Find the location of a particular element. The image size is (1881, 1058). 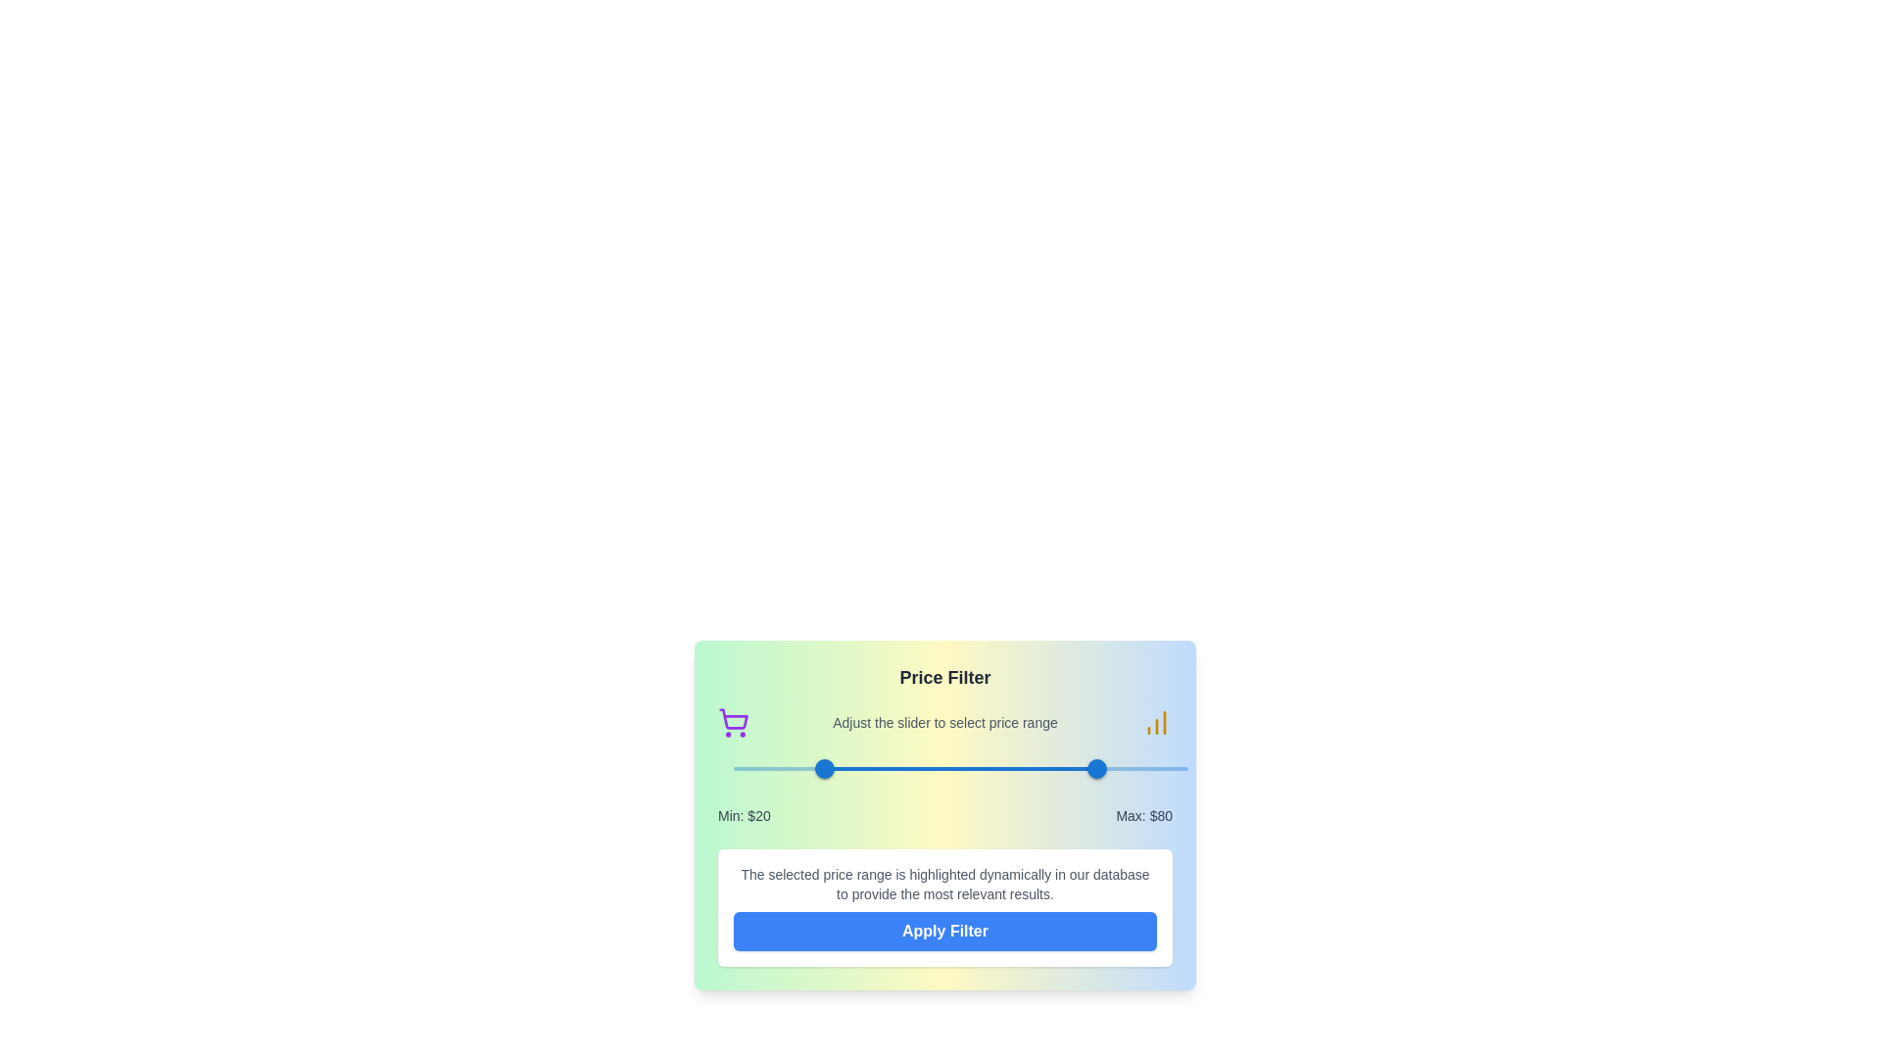

the static textual content that provides supplementary information about the price filter settings, located just above the 'Apply Filter' button inside a white, rounded, shadowed box at the bottom center of the interface is located at coordinates (944, 884).